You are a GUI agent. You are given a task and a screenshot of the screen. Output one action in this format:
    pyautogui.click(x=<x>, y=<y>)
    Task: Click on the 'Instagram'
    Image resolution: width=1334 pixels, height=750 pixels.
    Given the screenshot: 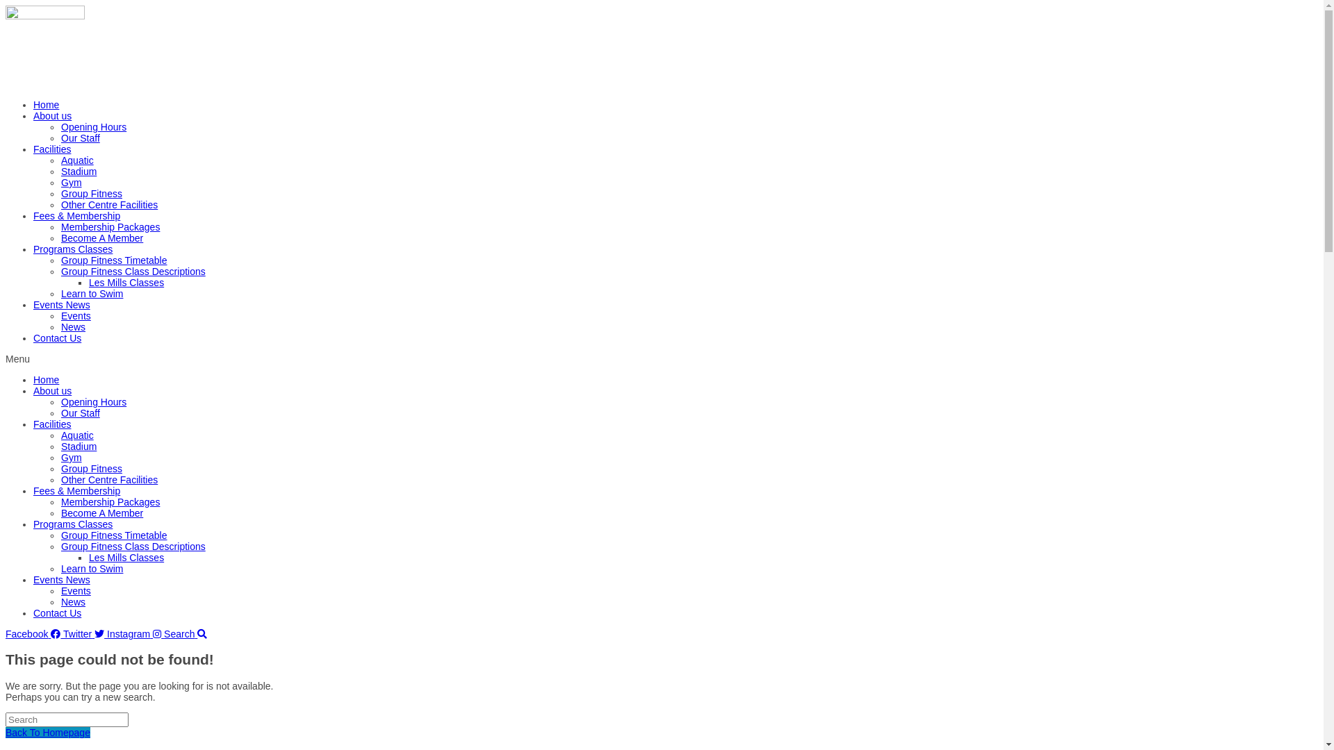 What is the action you would take?
    pyautogui.click(x=135, y=634)
    